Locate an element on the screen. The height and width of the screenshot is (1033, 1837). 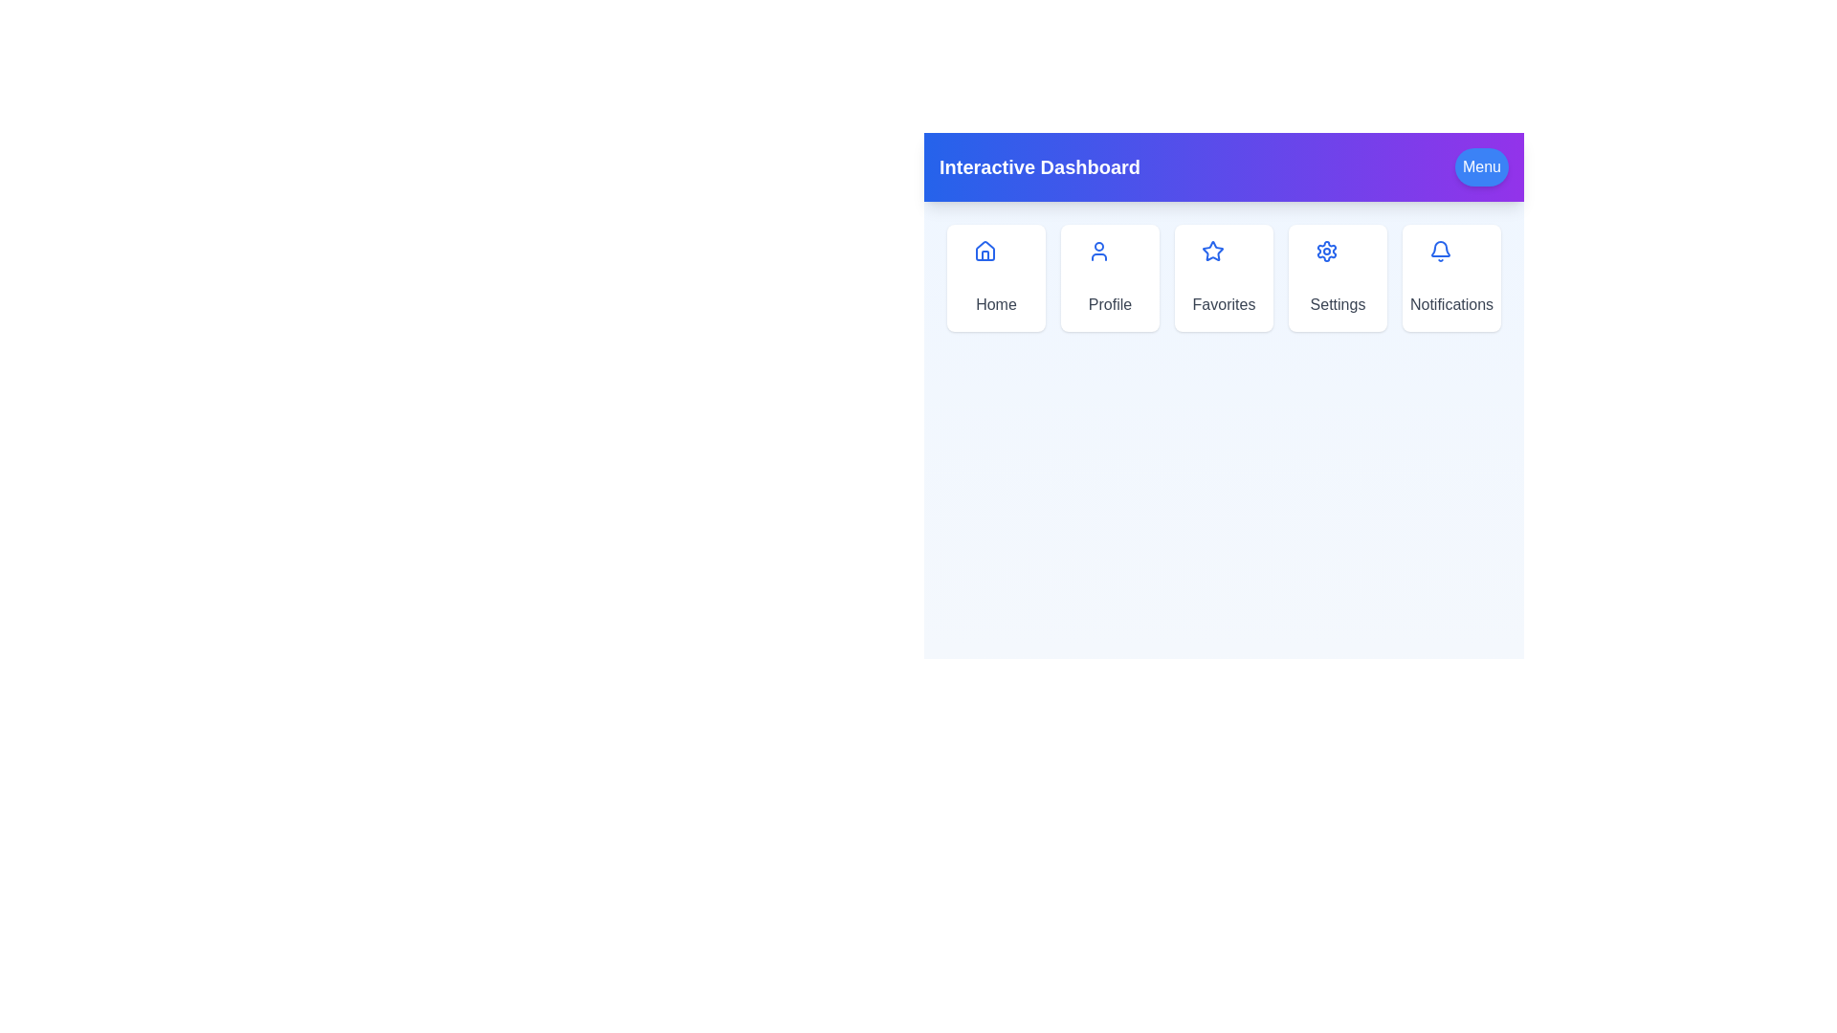
the Settings menu option is located at coordinates (1337, 277).